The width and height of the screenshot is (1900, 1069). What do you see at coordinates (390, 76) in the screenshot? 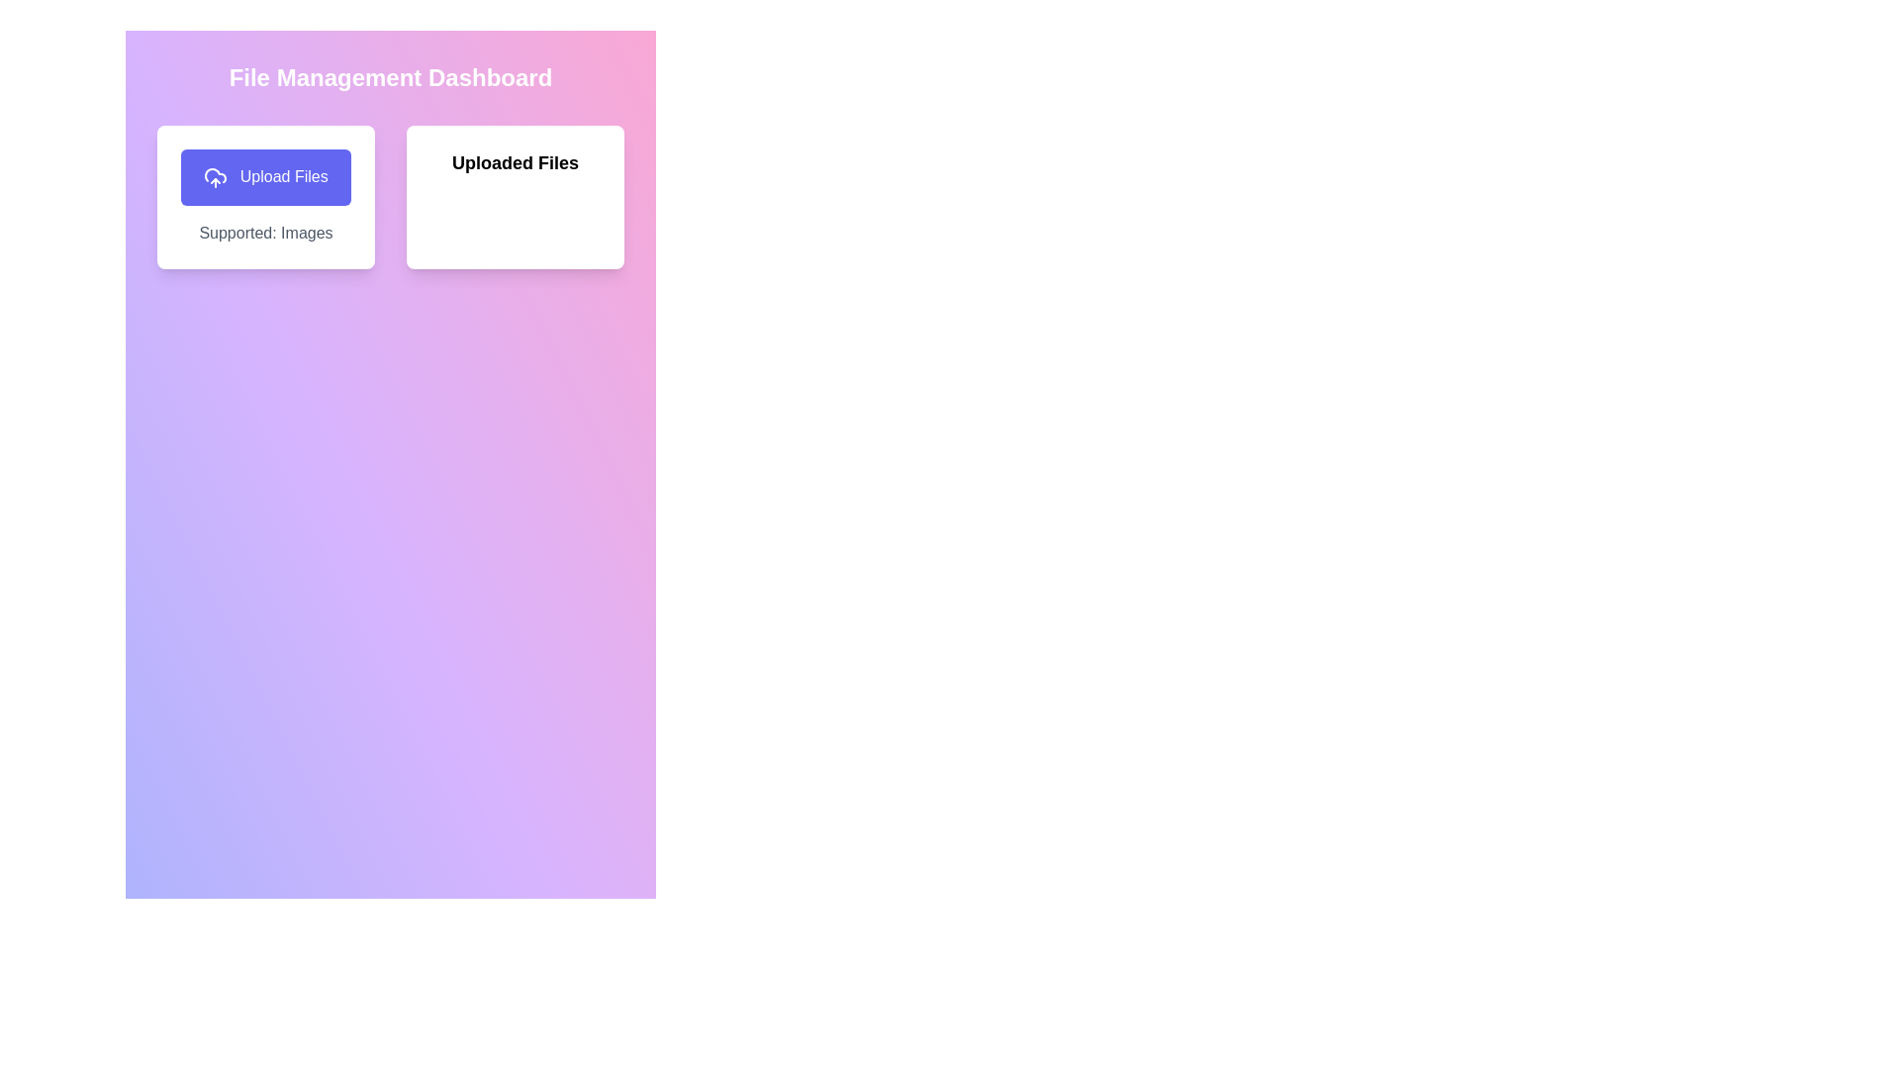
I see `the Text Header that serves as the title for the interface, providing contextual information about the dashboard's purpose` at bounding box center [390, 76].